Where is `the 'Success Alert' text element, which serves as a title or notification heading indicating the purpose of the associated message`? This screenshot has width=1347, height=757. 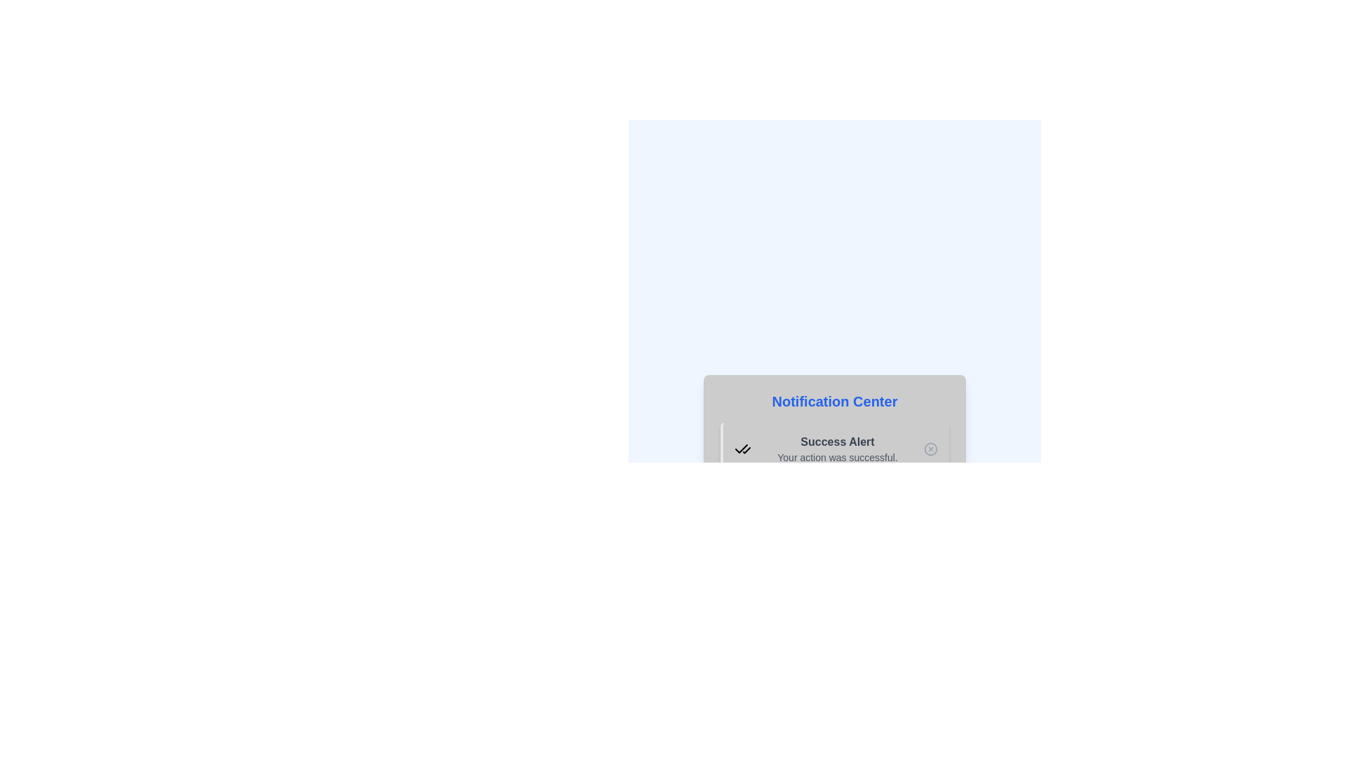 the 'Success Alert' text element, which serves as a title or notification heading indicating the purpose of the associated message is located at coordinates (838, 442).